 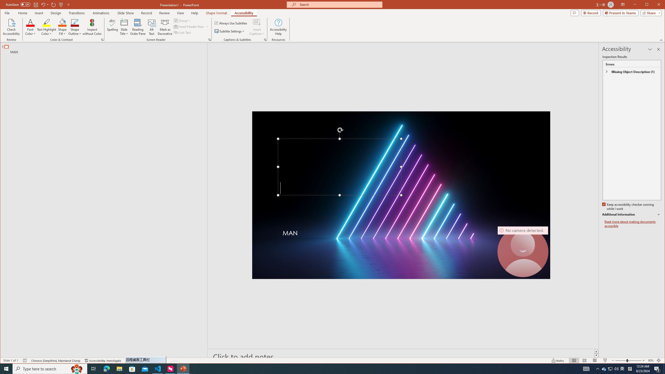 I want to click on 'Slide Title', so click(x=124, y=27).